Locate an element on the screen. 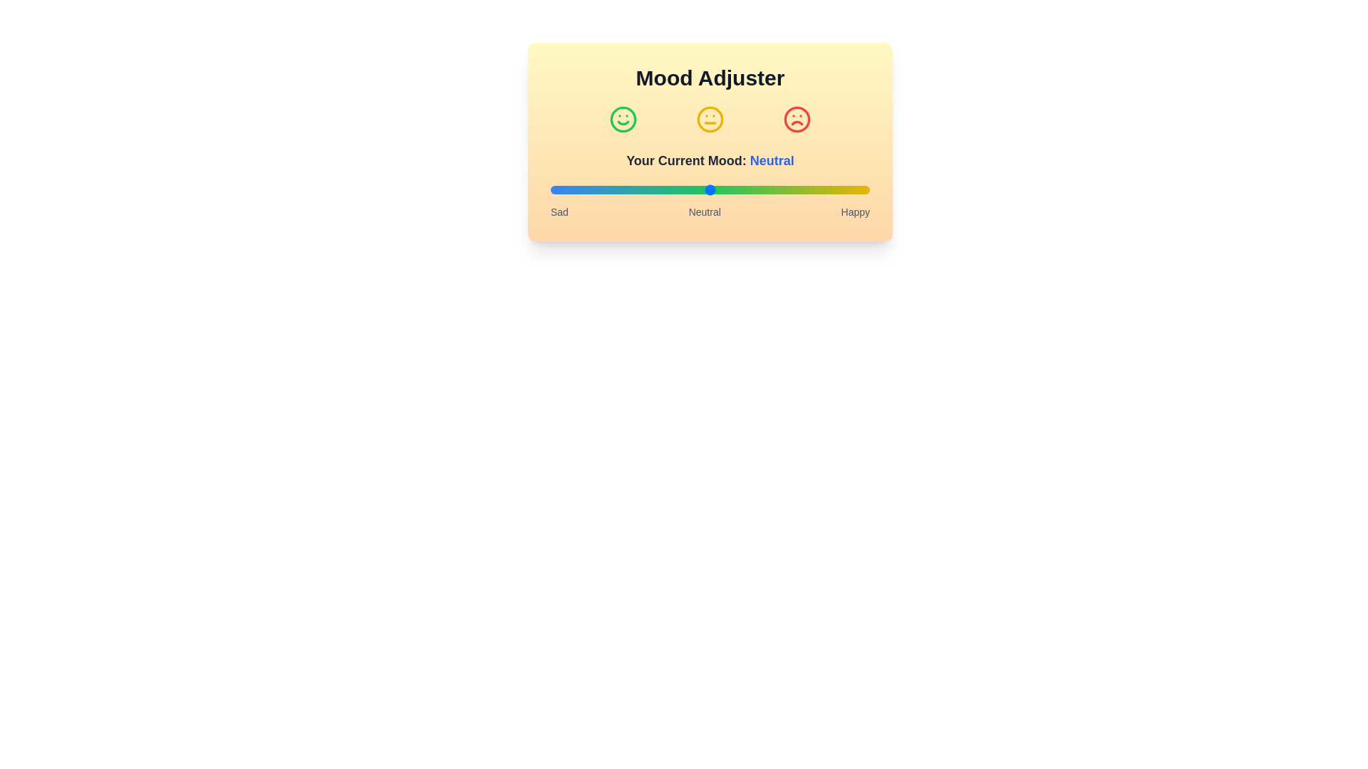 This screenshot has width=1368, height=769. the slider to a specific value 36 to observe the mood label change is located at coordinates (665, 189).